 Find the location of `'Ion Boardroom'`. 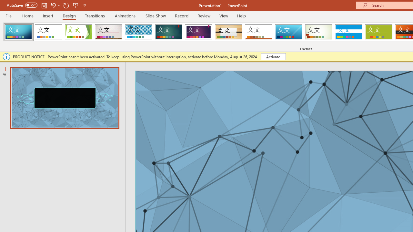

'Ion Boardroom' is located at coordinates (198, 32).